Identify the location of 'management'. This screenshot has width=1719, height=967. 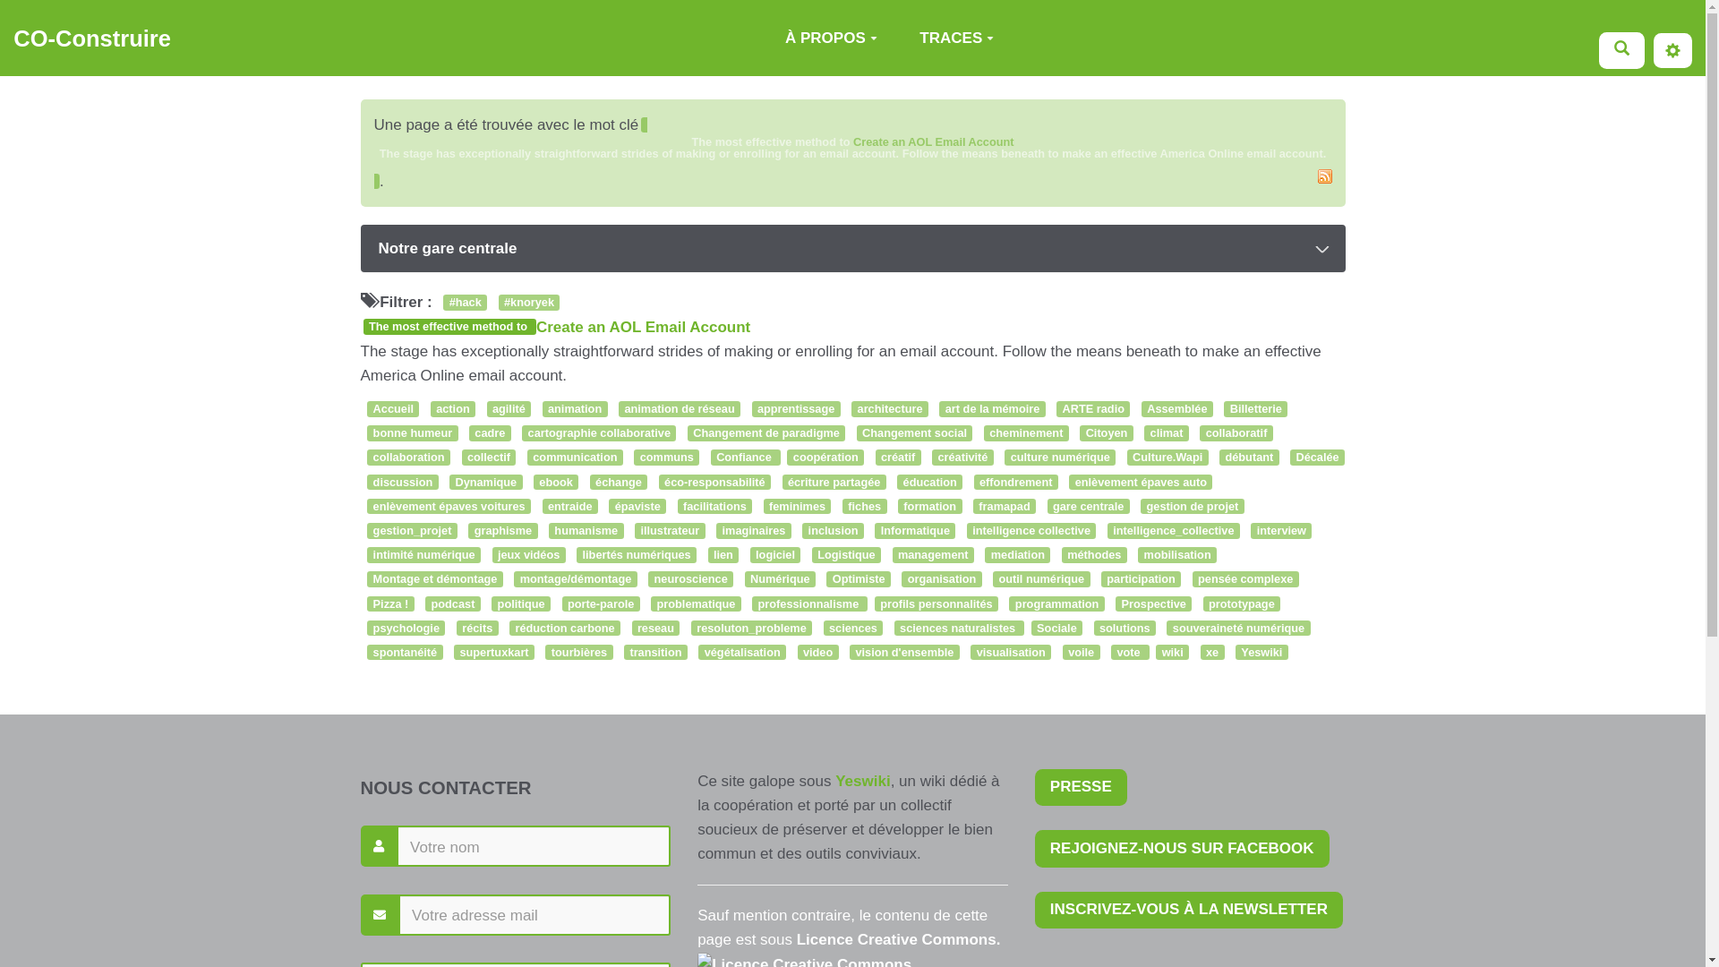
(932, 554).